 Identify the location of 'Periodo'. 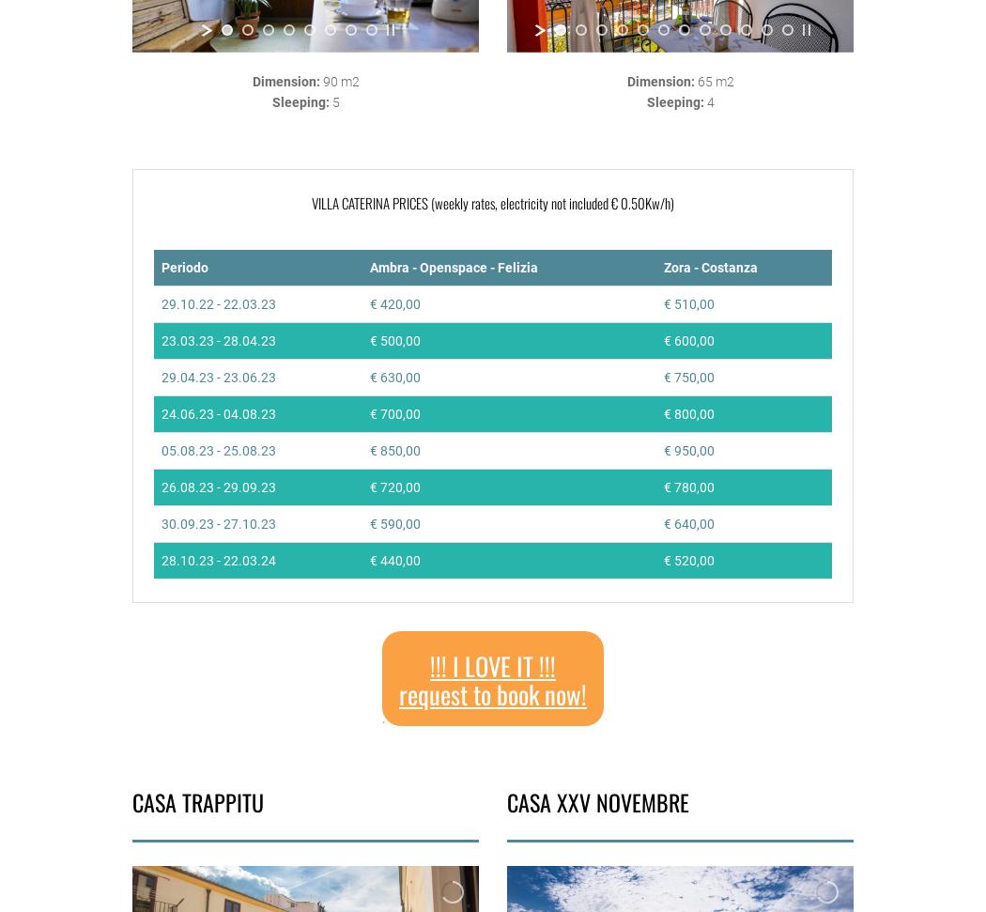
(183, 266).